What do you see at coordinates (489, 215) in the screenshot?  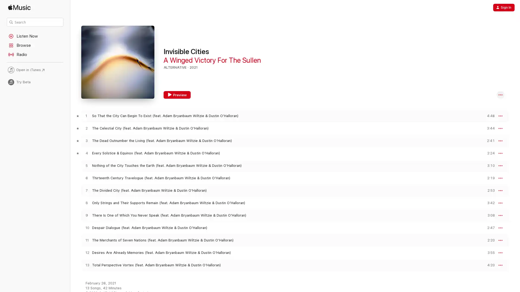 I see `Preview` at bounding box center [489, 215].